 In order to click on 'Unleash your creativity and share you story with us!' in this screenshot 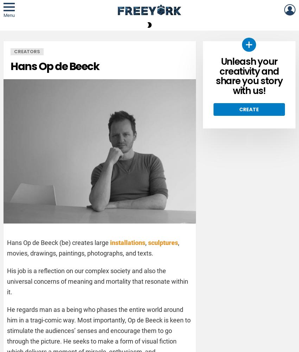, I will do `click(248, 76)`.